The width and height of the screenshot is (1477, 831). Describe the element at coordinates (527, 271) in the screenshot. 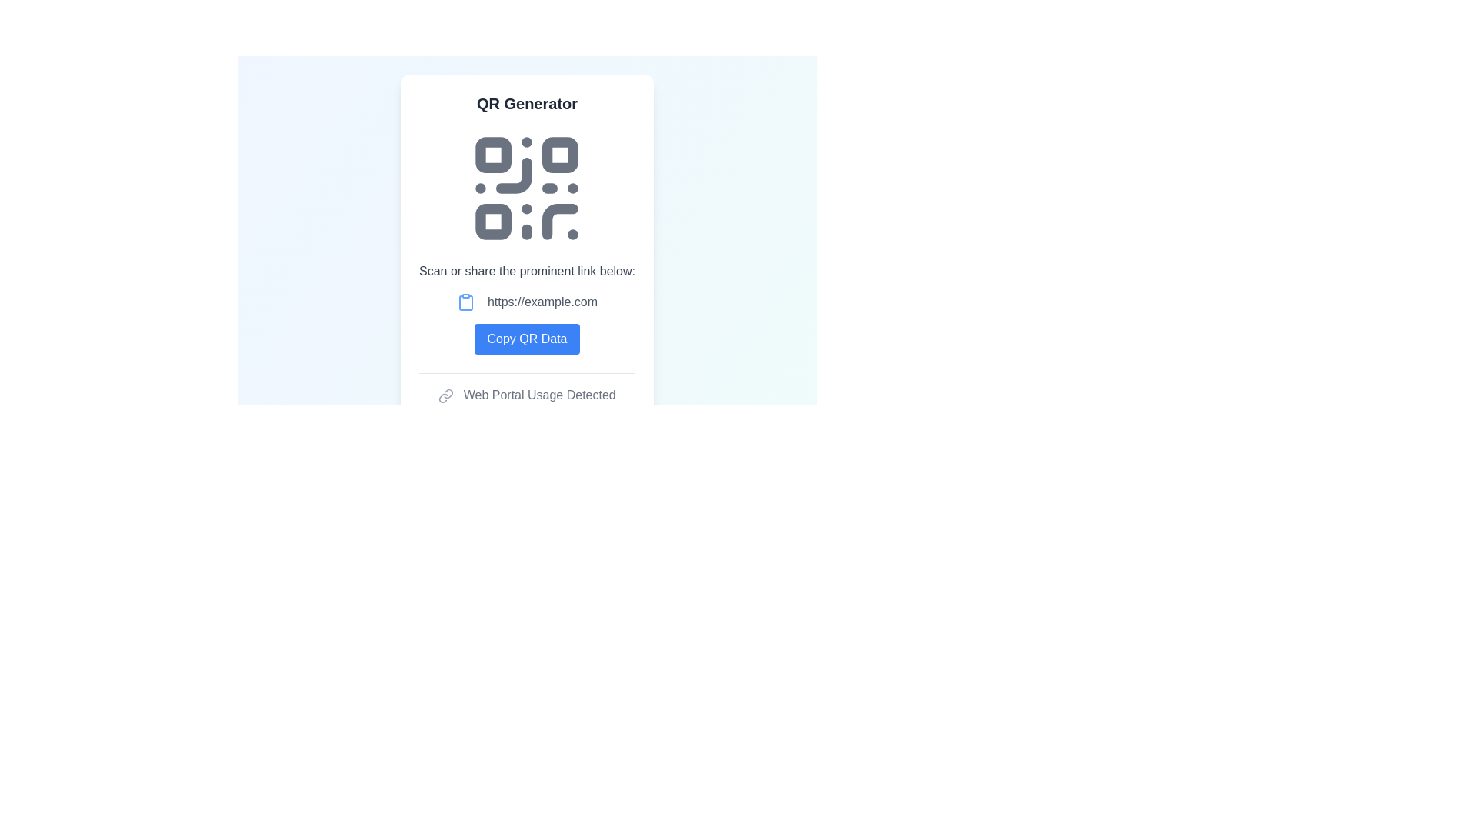

I see `the instruction text that reads 'Scan or share the prominent link below:' which is styled in gray and positioned below a QR code and above a clickable URL` at that location.